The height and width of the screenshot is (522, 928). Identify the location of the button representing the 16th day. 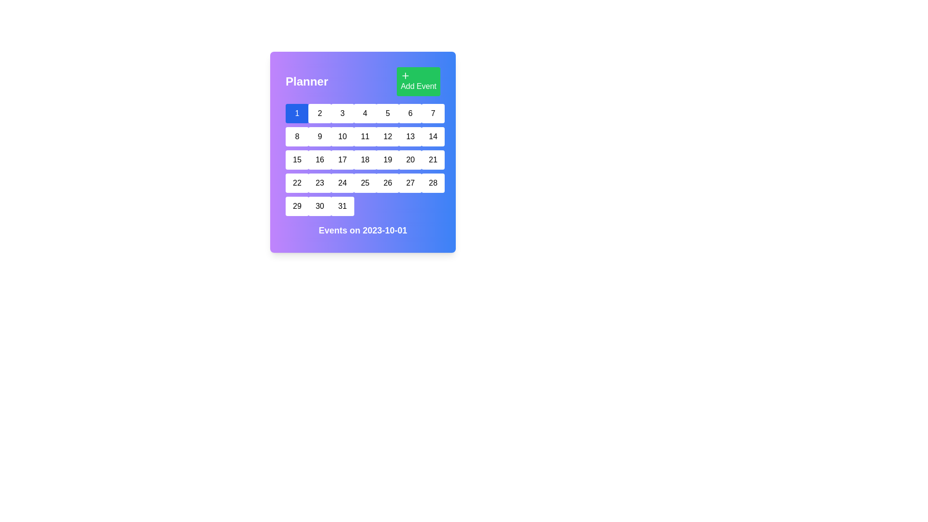
(319, 159).